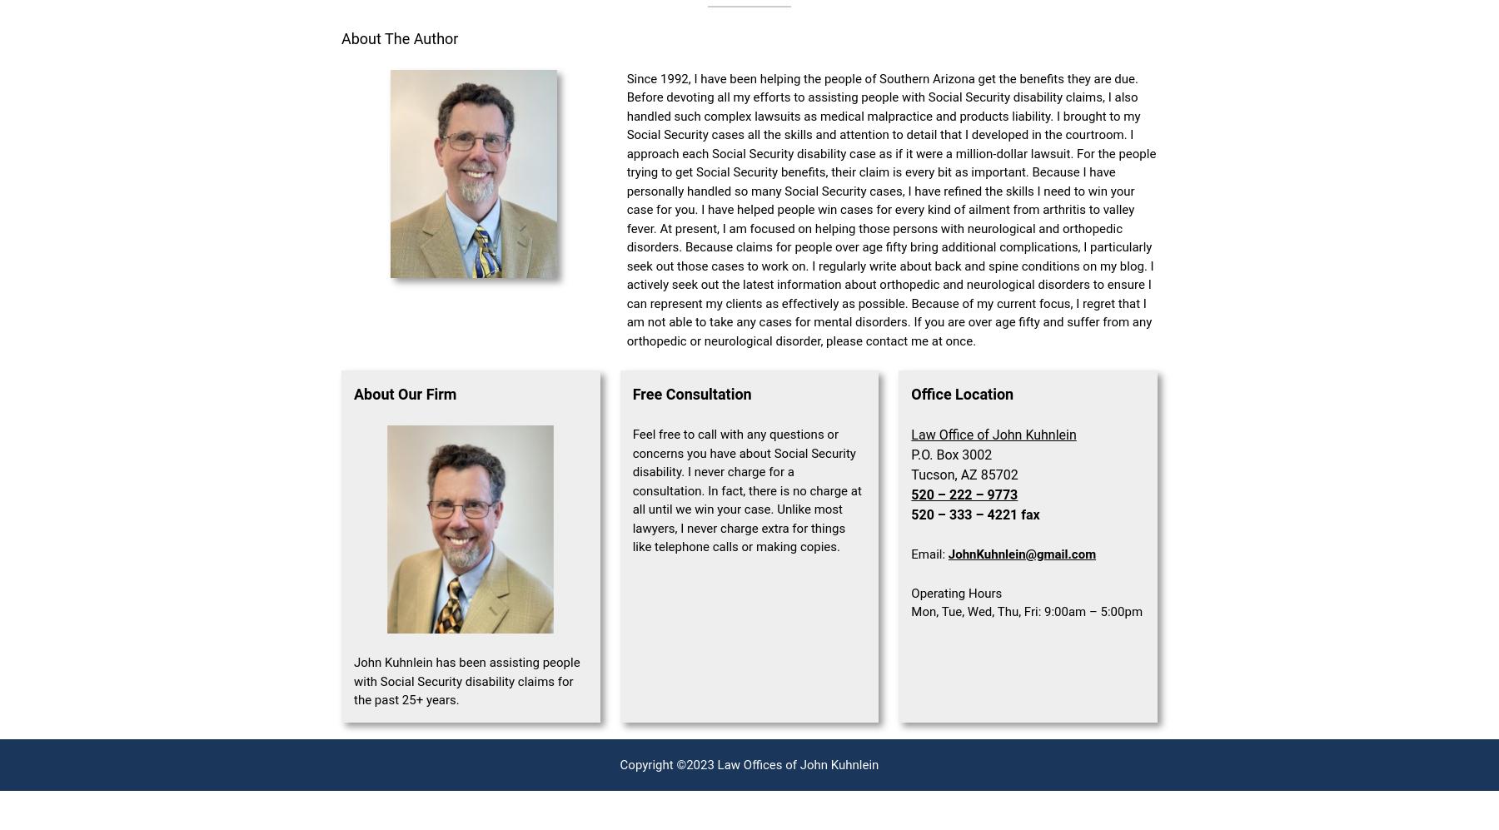 Image resolution: width=1499 pixels, height=830 pixels. What do you see at coordinates (911, 394) in the screenshot?
I see `'Office Location'` at bounding box center [911, 394].